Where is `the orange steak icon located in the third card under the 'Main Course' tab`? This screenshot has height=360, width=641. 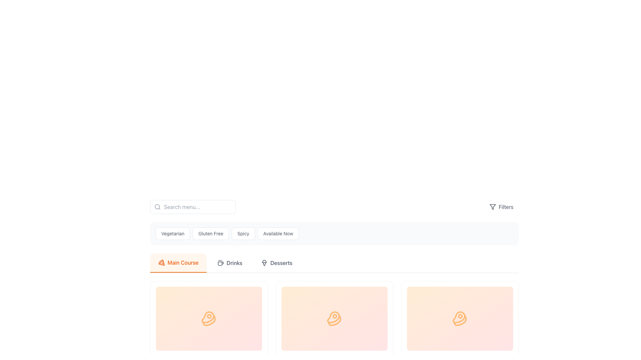
the orange steak icon located in the third card under the 'Main Course' tab is located at coordinates (459, 318).